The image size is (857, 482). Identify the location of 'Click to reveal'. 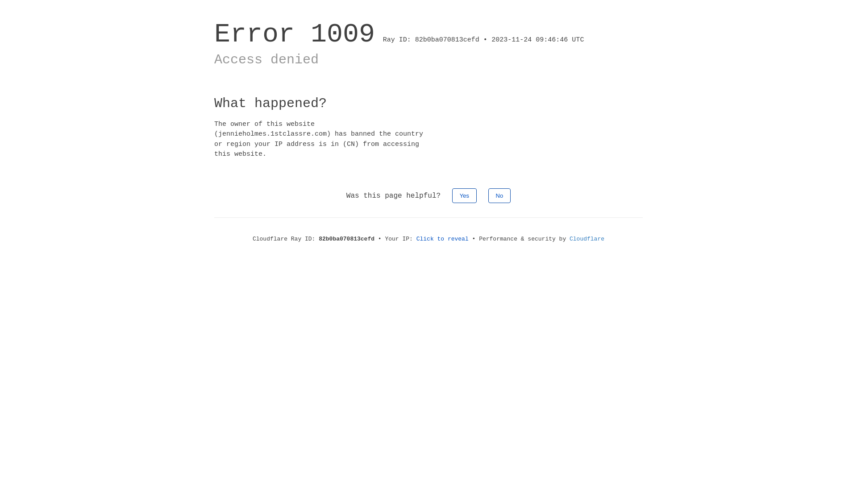
(442, 238).